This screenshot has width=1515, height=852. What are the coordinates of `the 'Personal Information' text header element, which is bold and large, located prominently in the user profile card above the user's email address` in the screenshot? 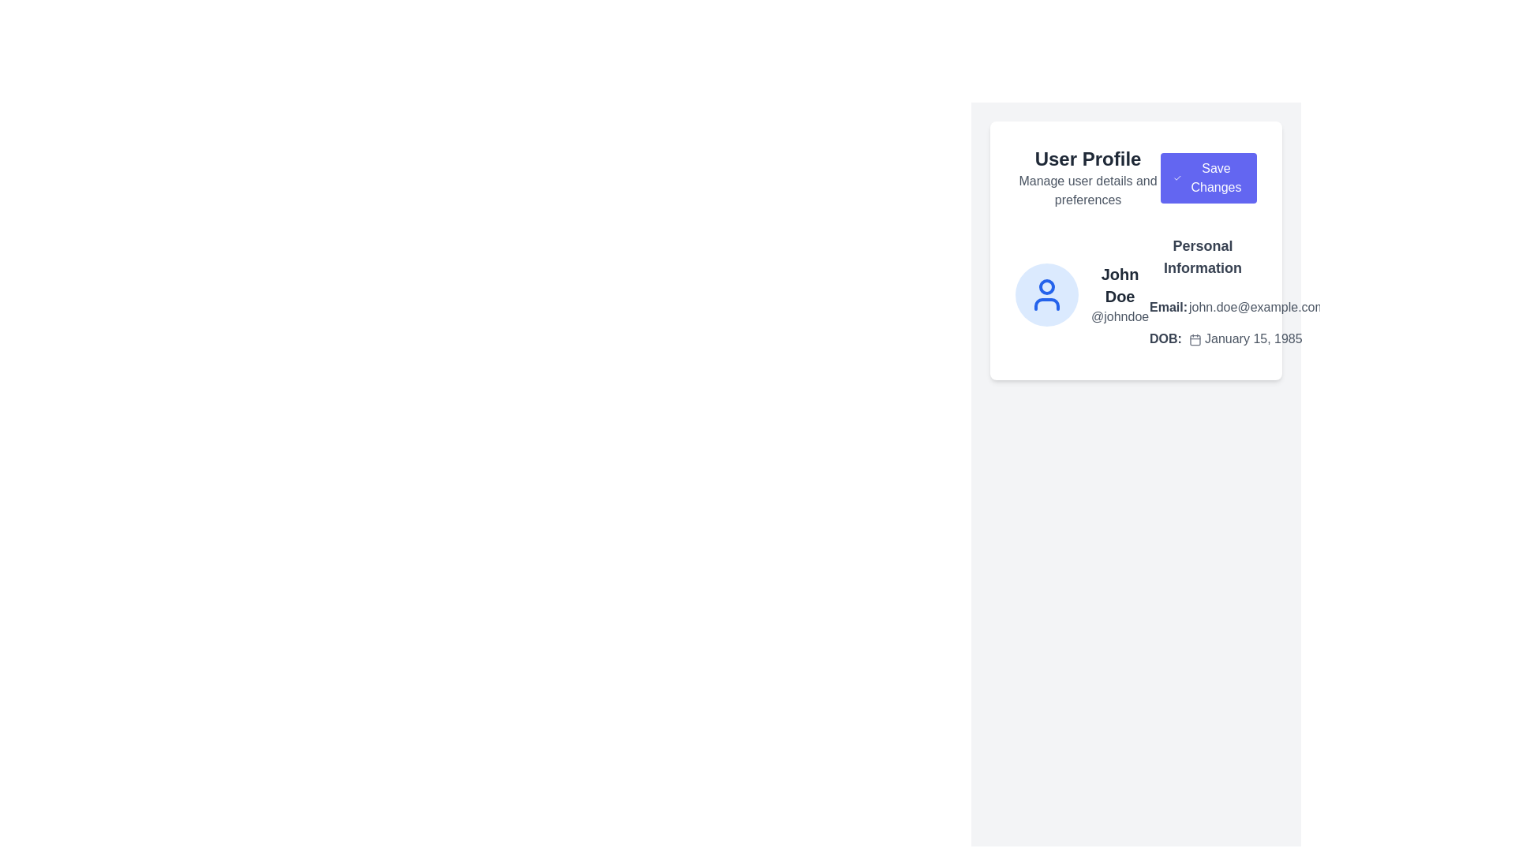 It's located at (1202, 256).